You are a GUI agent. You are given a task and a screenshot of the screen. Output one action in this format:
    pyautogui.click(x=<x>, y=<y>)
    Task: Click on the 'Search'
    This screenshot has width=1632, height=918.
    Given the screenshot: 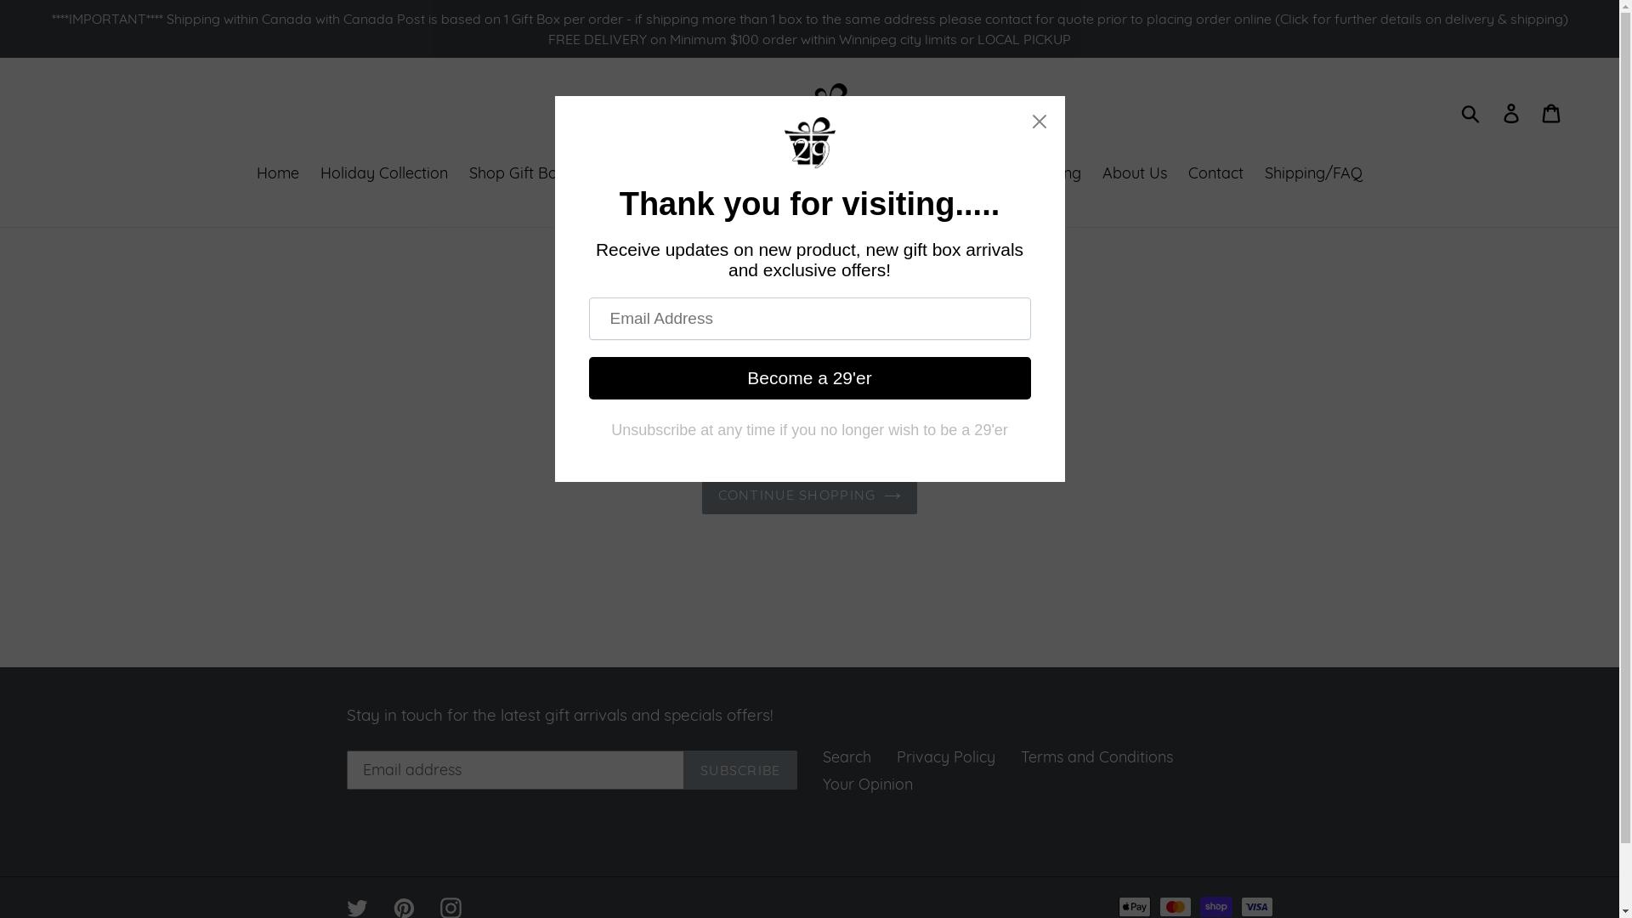 What is the action you would take?
    pyautogui.click(x=847, y=756)
    